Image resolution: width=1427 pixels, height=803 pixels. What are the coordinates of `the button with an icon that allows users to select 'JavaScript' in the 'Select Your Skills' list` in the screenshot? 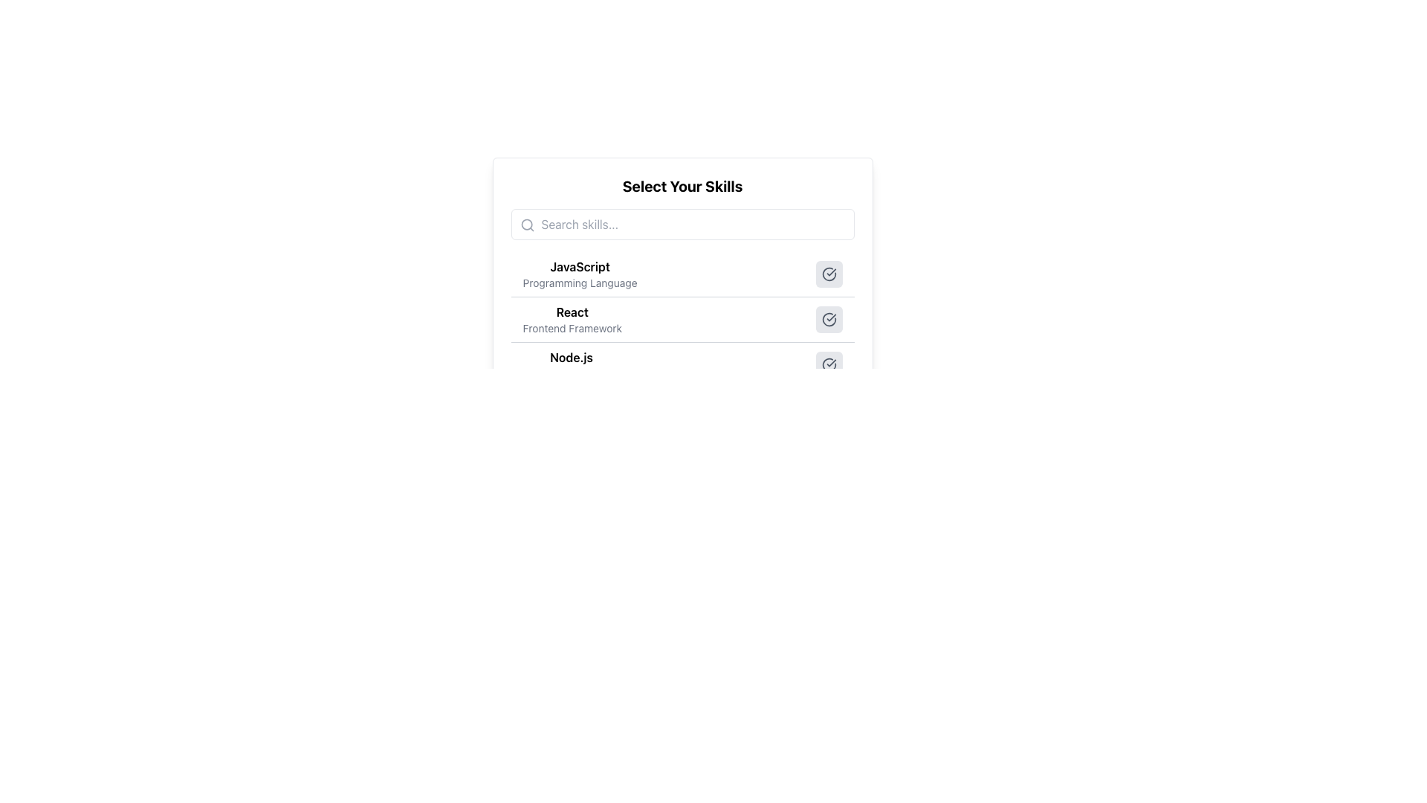 It's located at (828, 274).